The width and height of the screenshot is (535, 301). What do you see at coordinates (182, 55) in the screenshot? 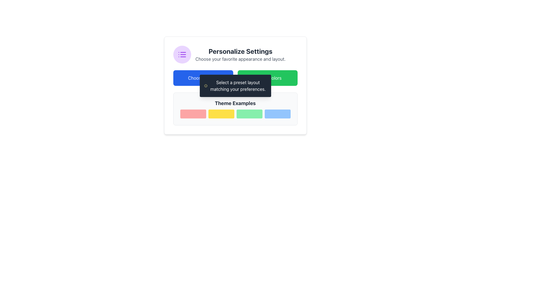
I see `the list icon element, which is styled with a purple color and located in the top-left region of the 'Personalize Settings' interface, contained within a circular background` at bounding box center [182, 55].